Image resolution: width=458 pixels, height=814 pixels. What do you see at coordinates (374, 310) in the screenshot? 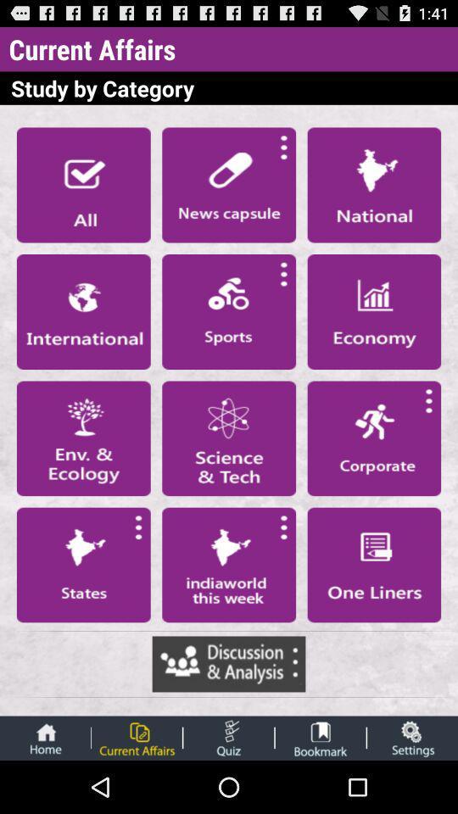
I see `open stock page` at bounding box center [374, 310].